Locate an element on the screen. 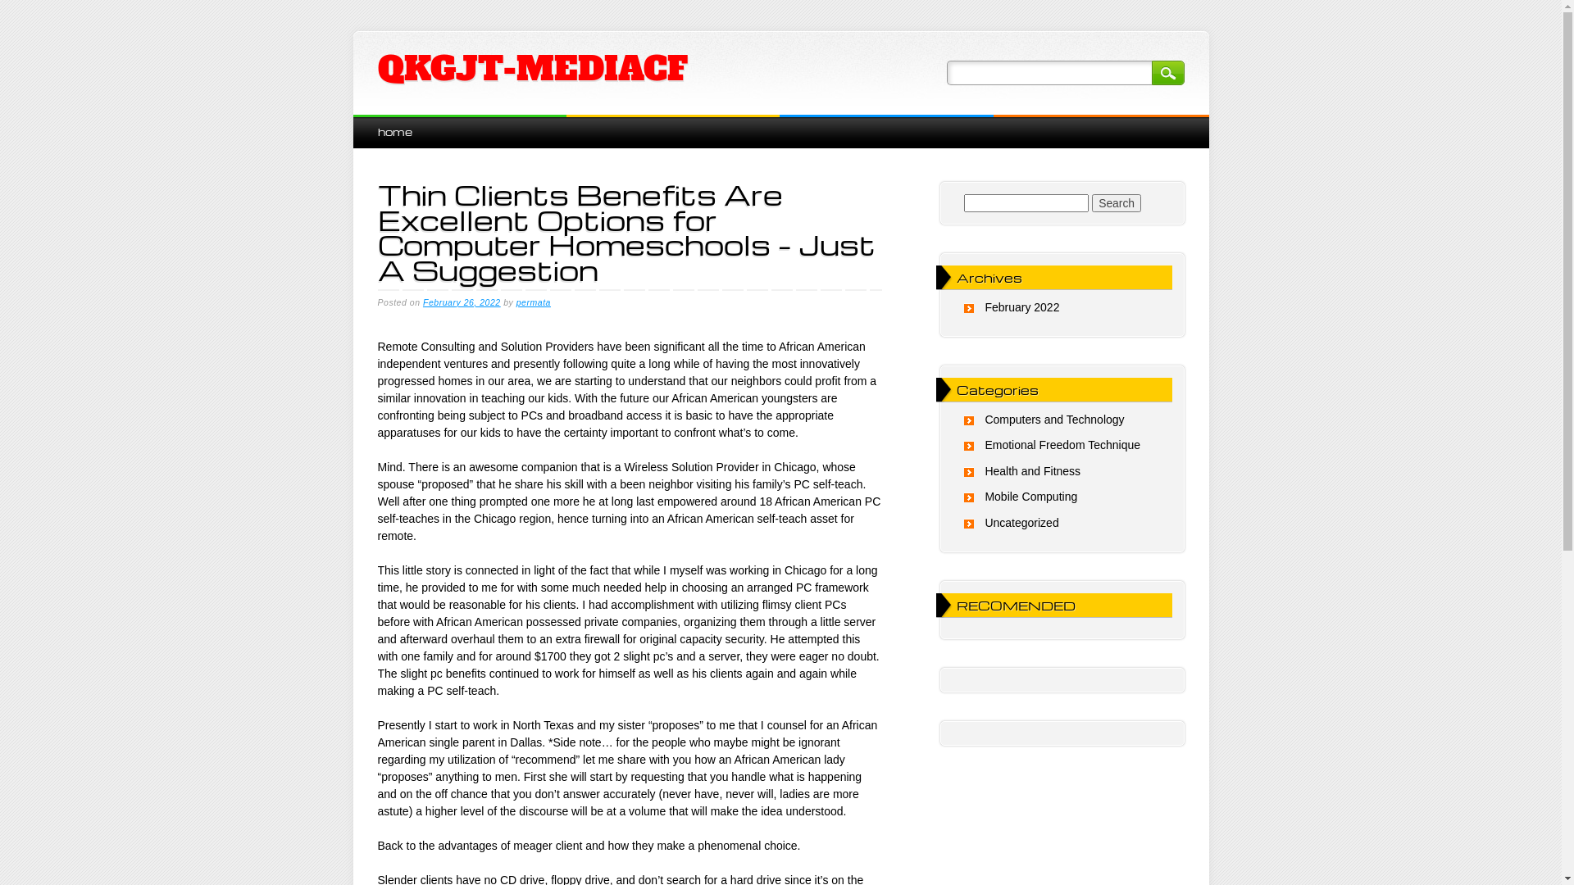 This screenshot has height=885, width=1574. 'QKGJT-MEDIACF' is located at coordinates (531, 68).